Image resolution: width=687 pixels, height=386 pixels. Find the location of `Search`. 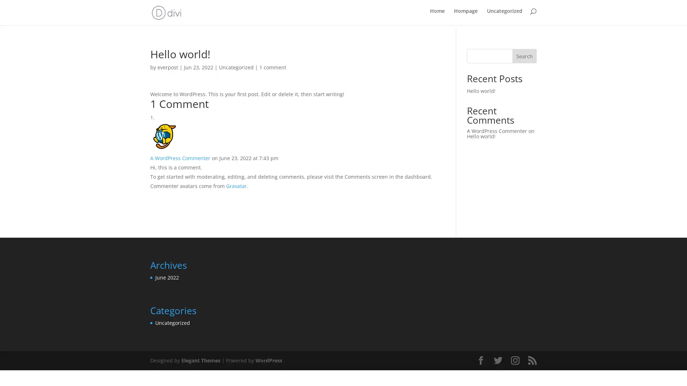

Search is located at coordinates (524, 54).